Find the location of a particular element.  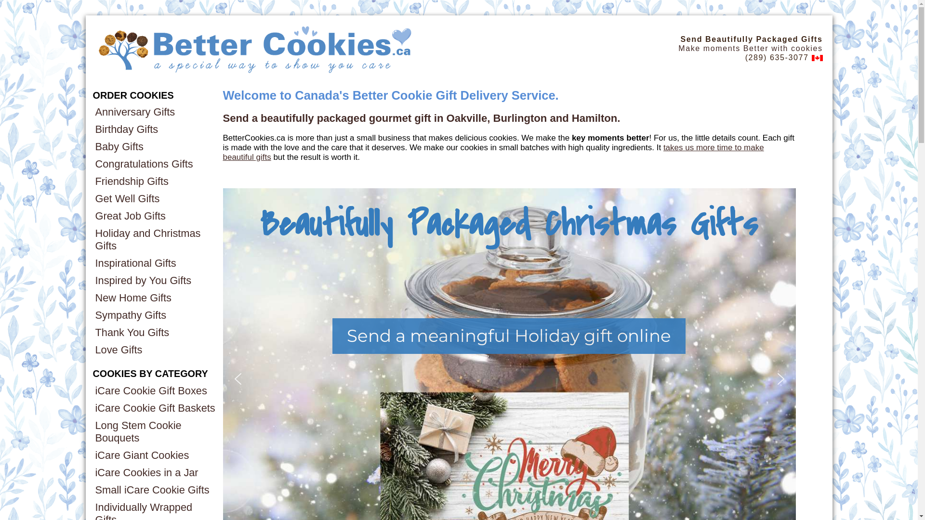

'Sympathy Gifts' is located at coordinates (92, 315).